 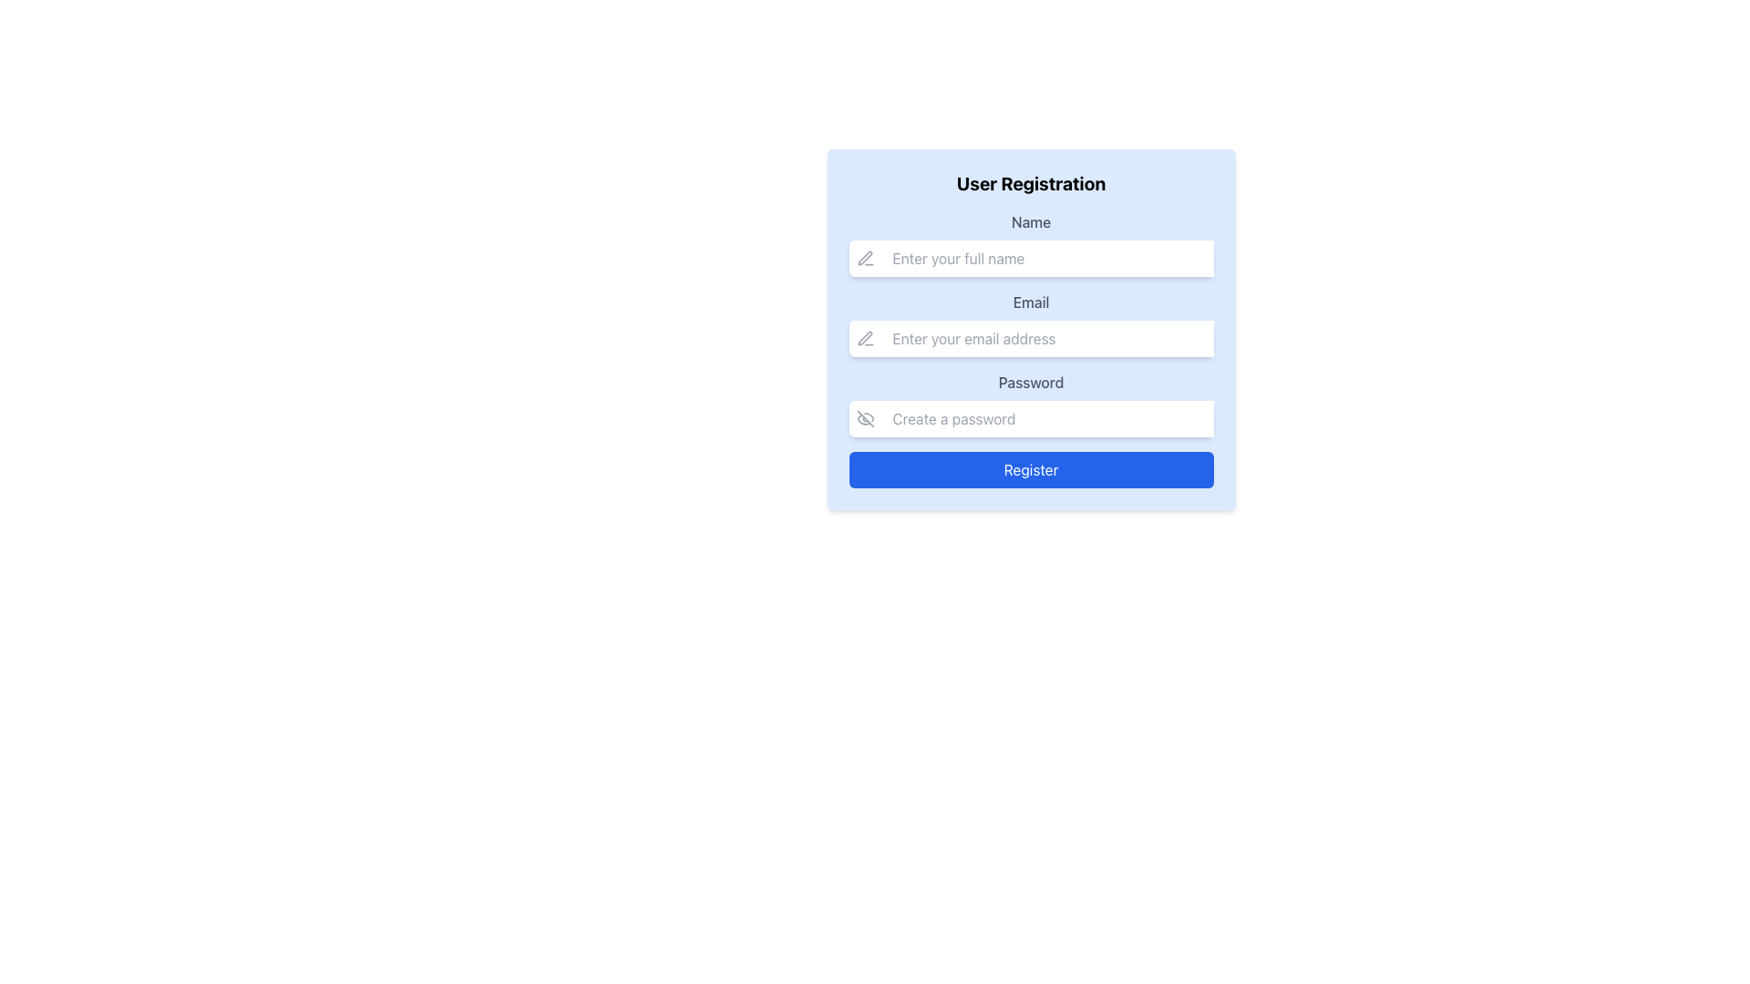 I want to click on the pen-like SVG icon with a gray stroke located next to the 'Email' input field, so click(x=864, y=338).